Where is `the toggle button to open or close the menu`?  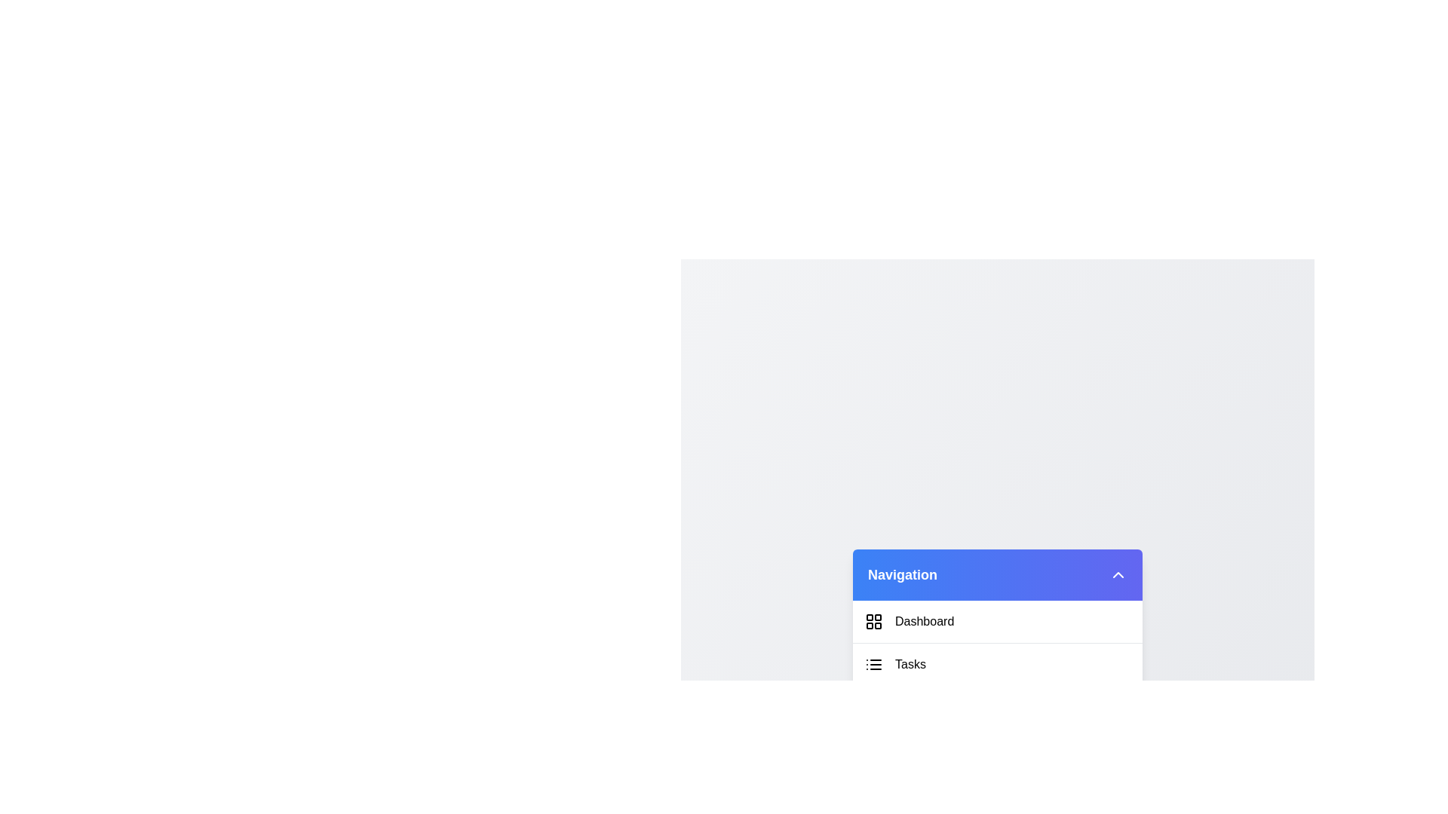 the toggle button to open or close the menu is located at coordinates (1118, 575).